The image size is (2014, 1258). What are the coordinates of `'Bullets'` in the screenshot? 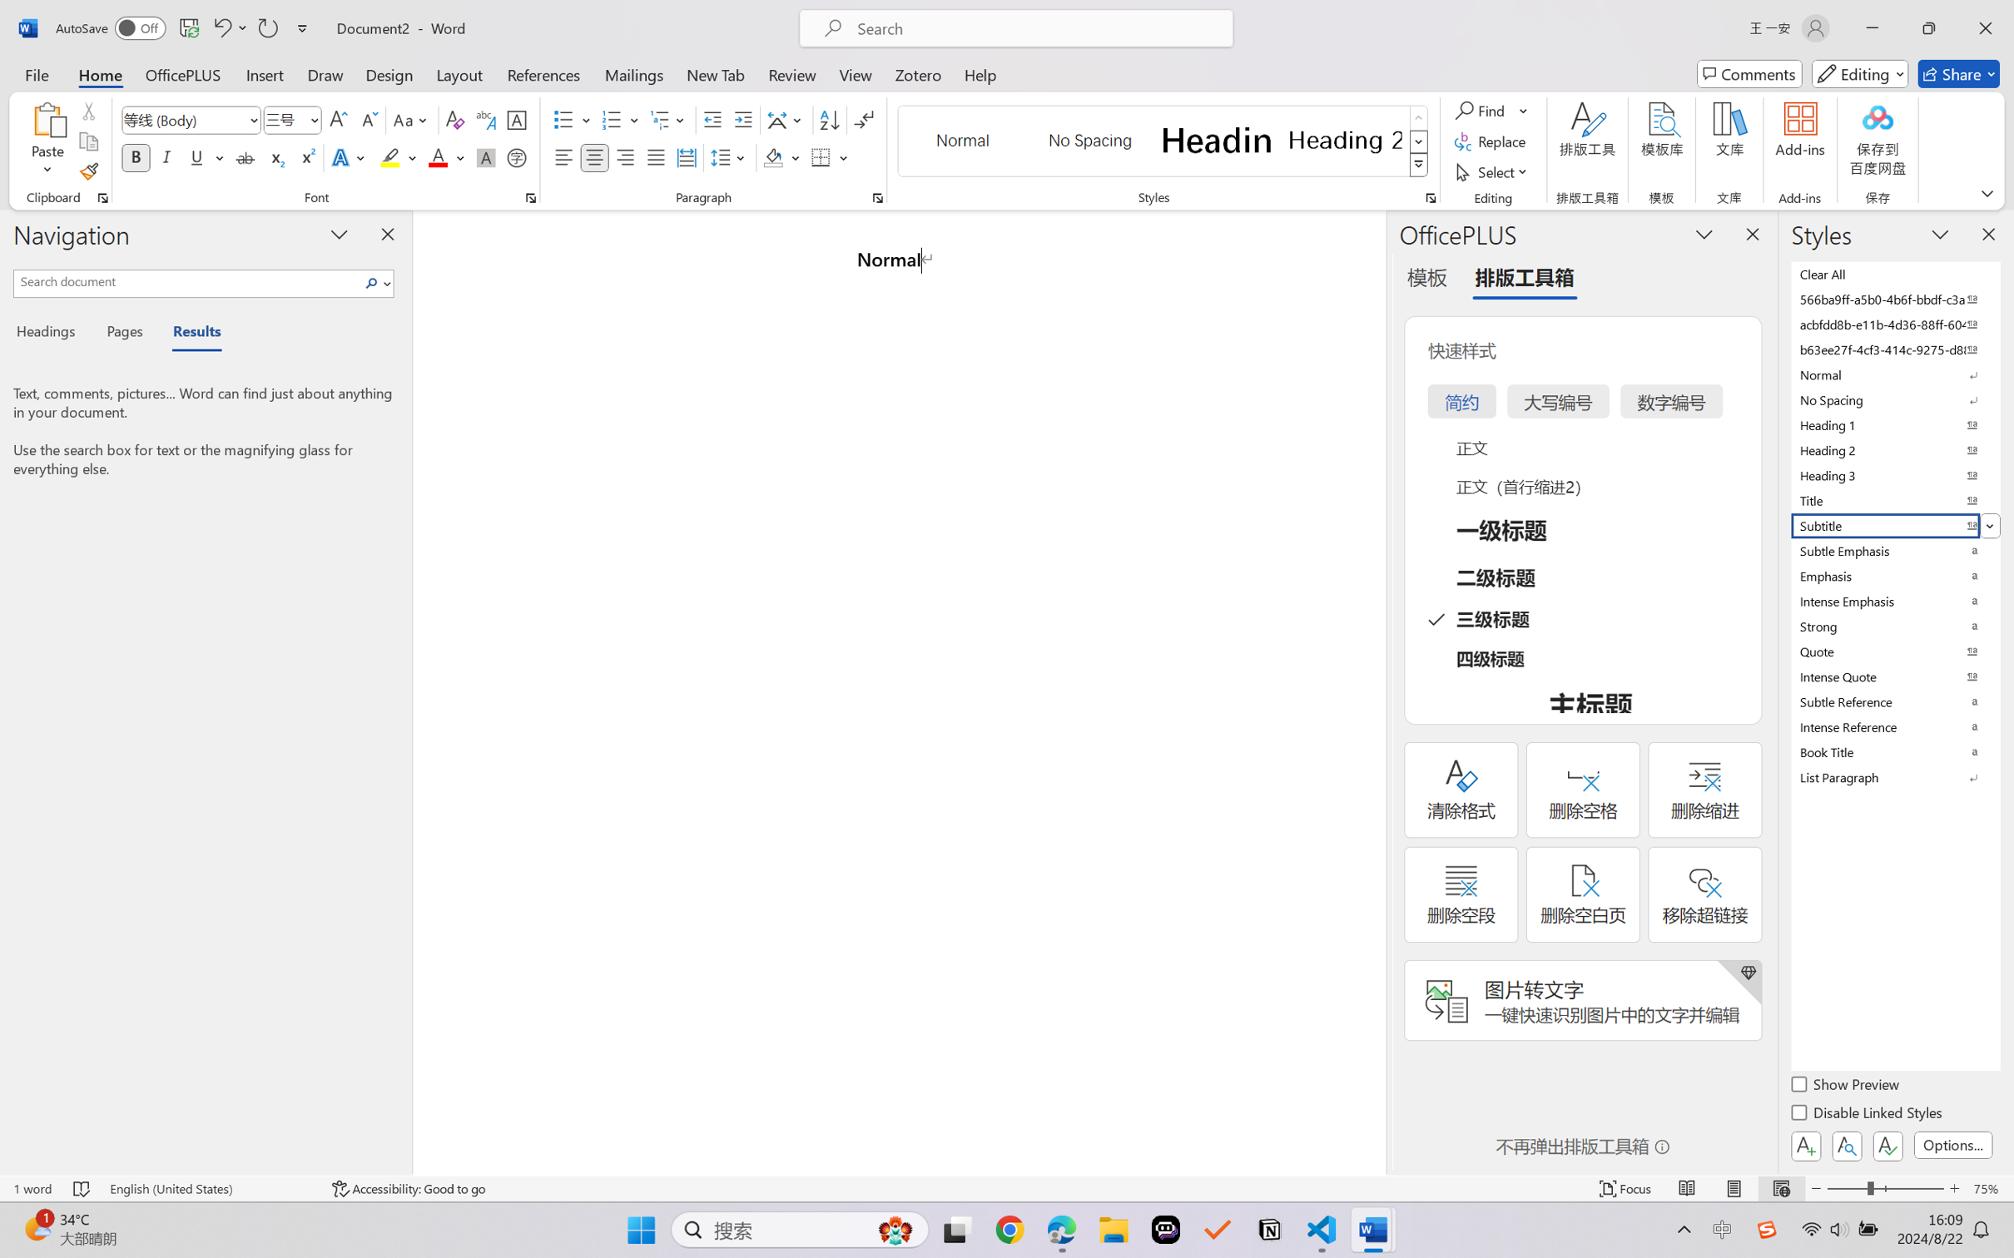 It's located at (572, 120).